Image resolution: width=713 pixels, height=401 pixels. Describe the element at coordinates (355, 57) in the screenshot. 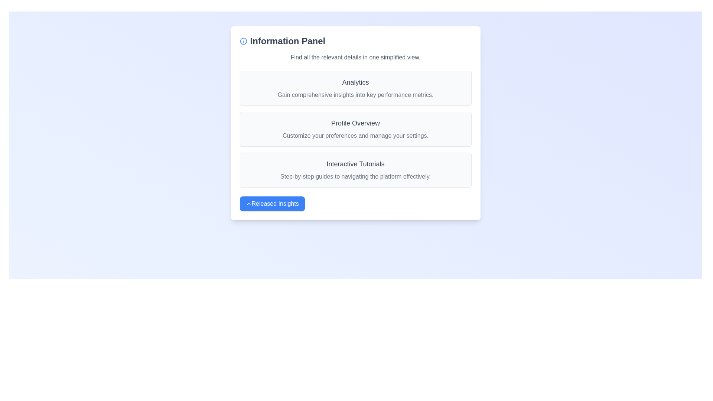

I see `text block displaying 'Find all the relevant details in one simplified view.' located under the 'Information Panel' title and above the 'Analytics' section` at that location.